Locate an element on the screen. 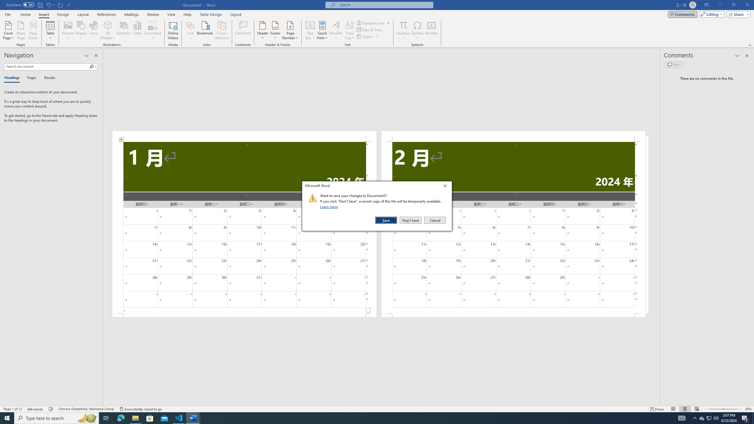 This screenshot has width=754, height=424. 'Microsoft Edge' is located at coordinates (120, 418).